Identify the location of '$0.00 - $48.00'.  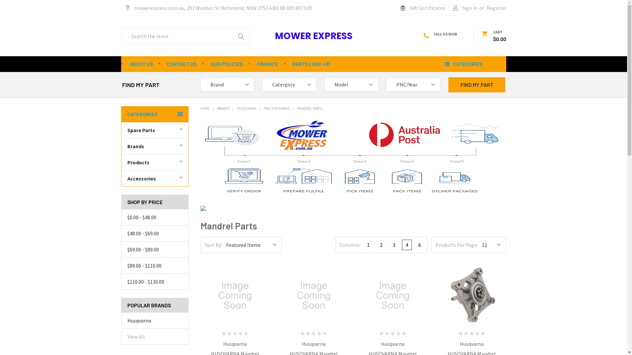
(154, 217).